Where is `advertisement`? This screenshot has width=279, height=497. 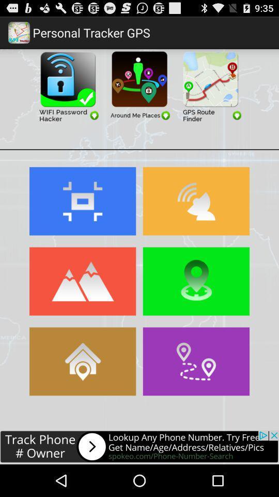
advertisement is located at coordinates (210, 85).